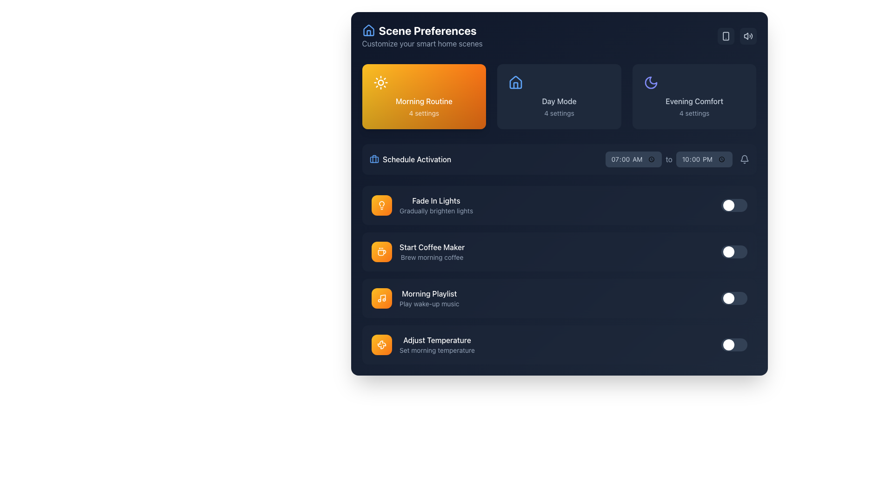  What do you see at coordinates (374, 159) in the screenshot?
I see `the 'Schedule Activation' icon located to the immediate left of the text 'Schedule Activation' in the Scene Preferences panel` at bounding box center [374, 159].